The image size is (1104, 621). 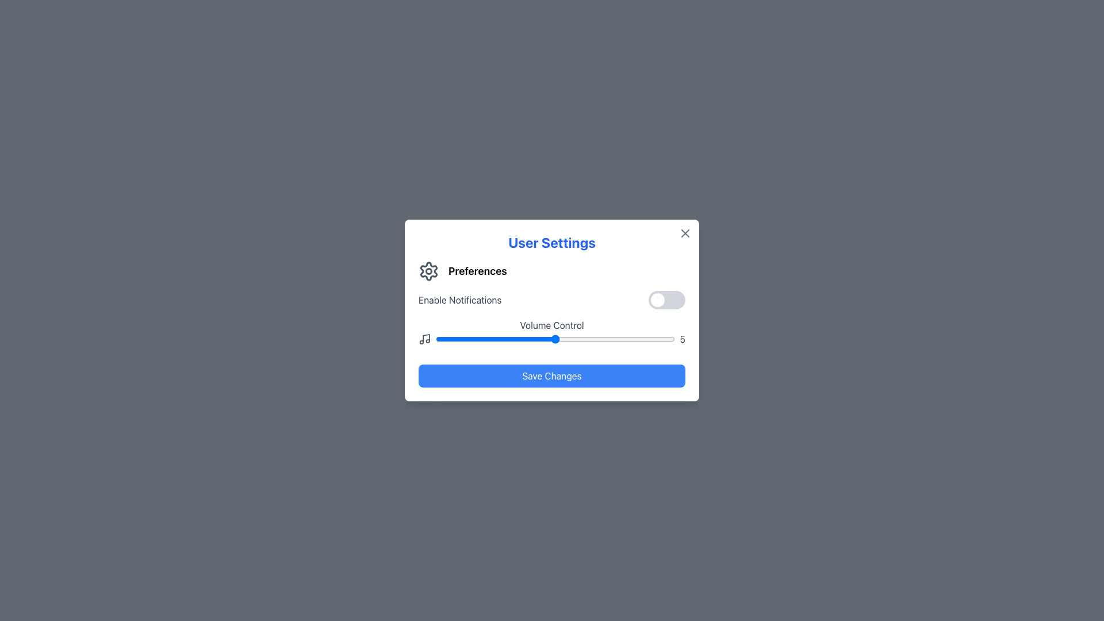 What do you see at coordinates (507, 339) in the screenshot?
I see `the volume` at bounding box center [507, 339].